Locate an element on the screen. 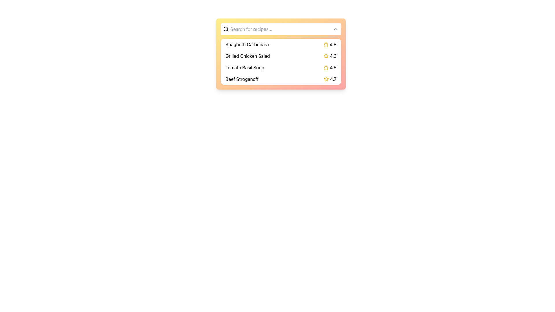 This screenshot has height=312, width=555. the second list item displaying a recipe name and its rating is located at coordinates (281, 54).